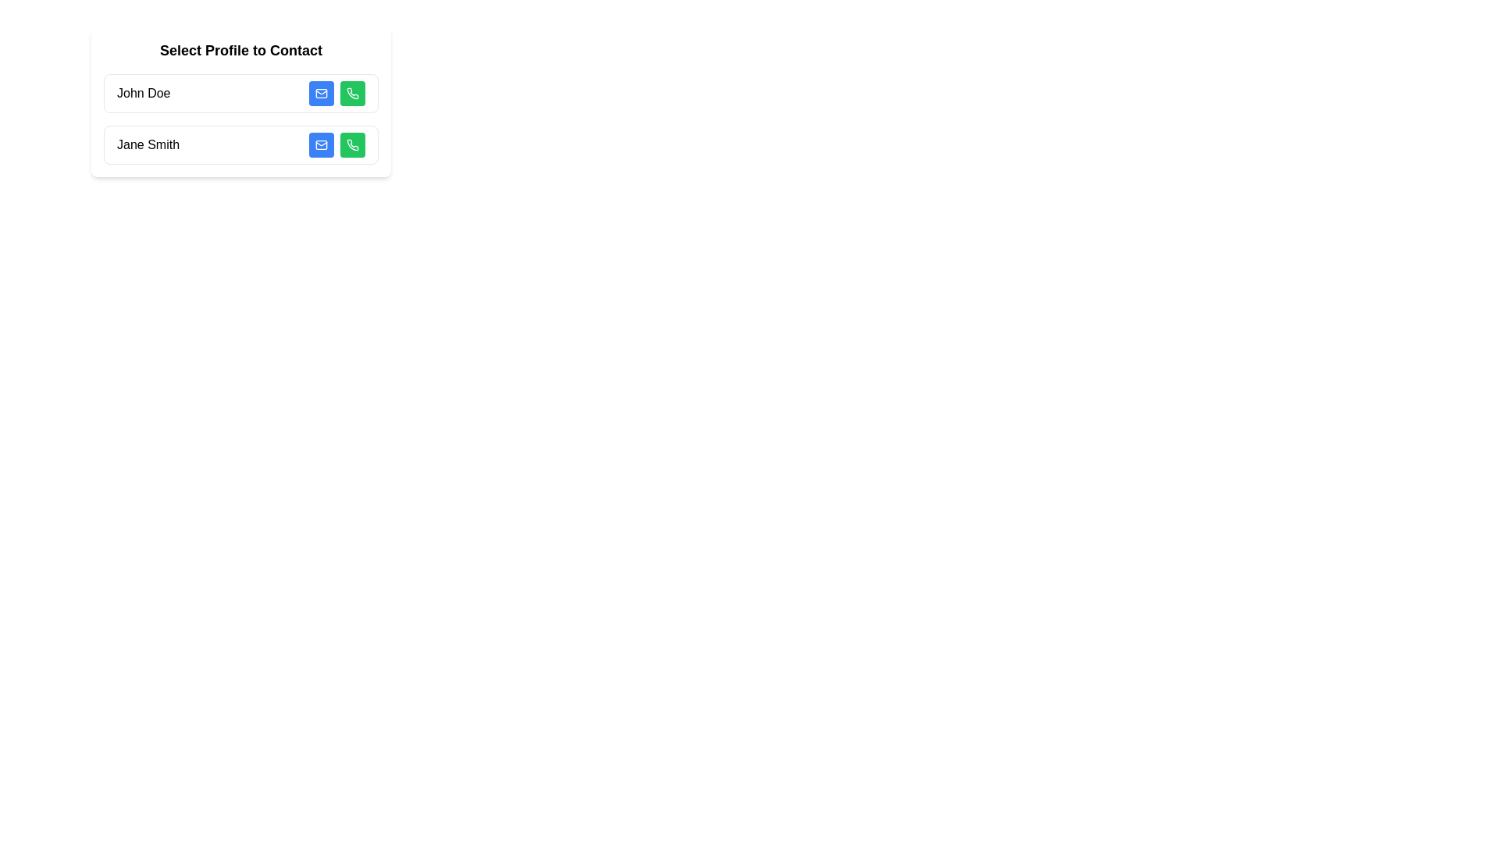 The height and width of the screenshot is (843, 1499). I want to click on the 'Jane Smith' label in the second profile card of the 'Select Profile to Contact' section, which is positioned above two interactive buttons, so click(148, 144).